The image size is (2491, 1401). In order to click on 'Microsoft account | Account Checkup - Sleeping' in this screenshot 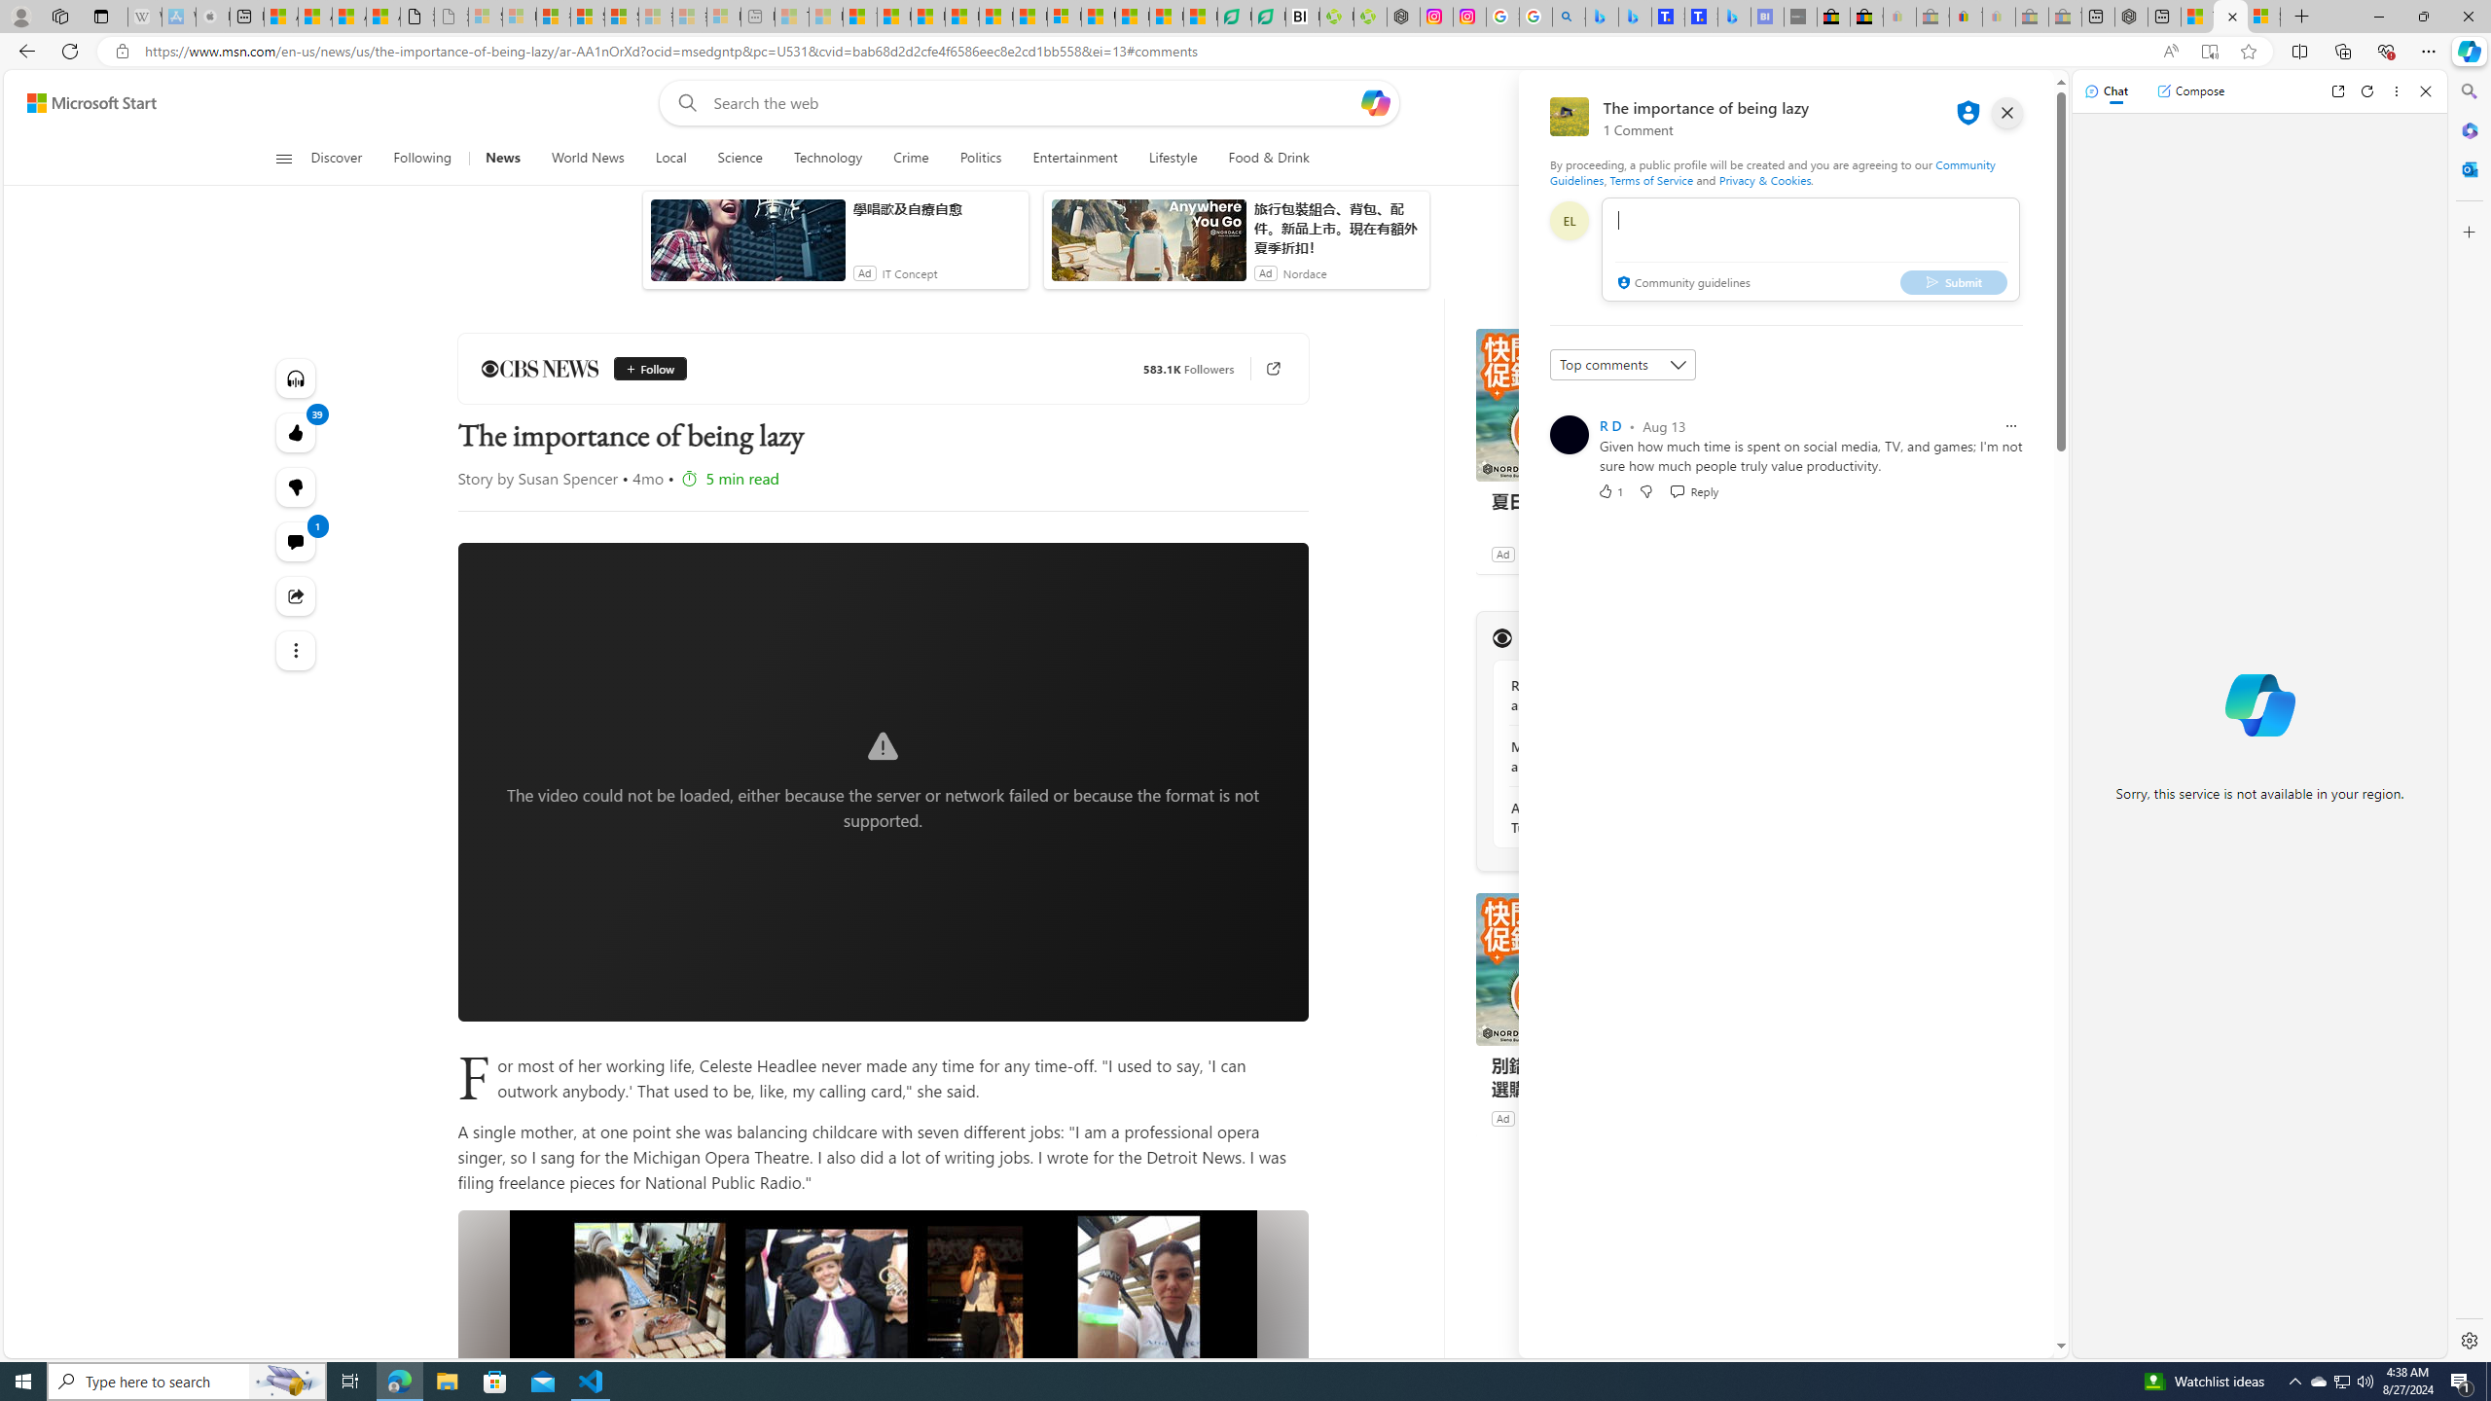, I will do `click(722, 16)`.